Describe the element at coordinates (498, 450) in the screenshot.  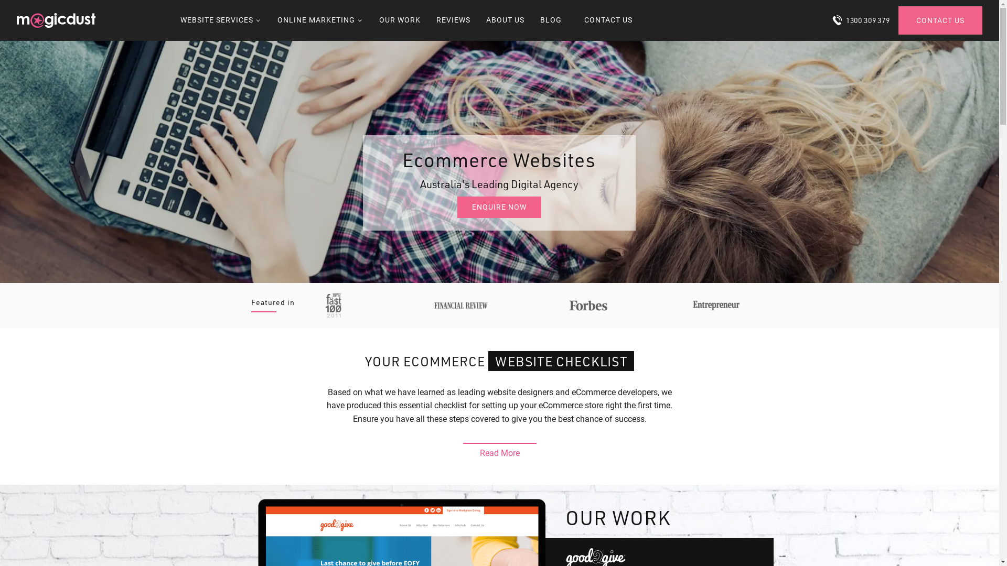
I see `'Read More'` at that location.